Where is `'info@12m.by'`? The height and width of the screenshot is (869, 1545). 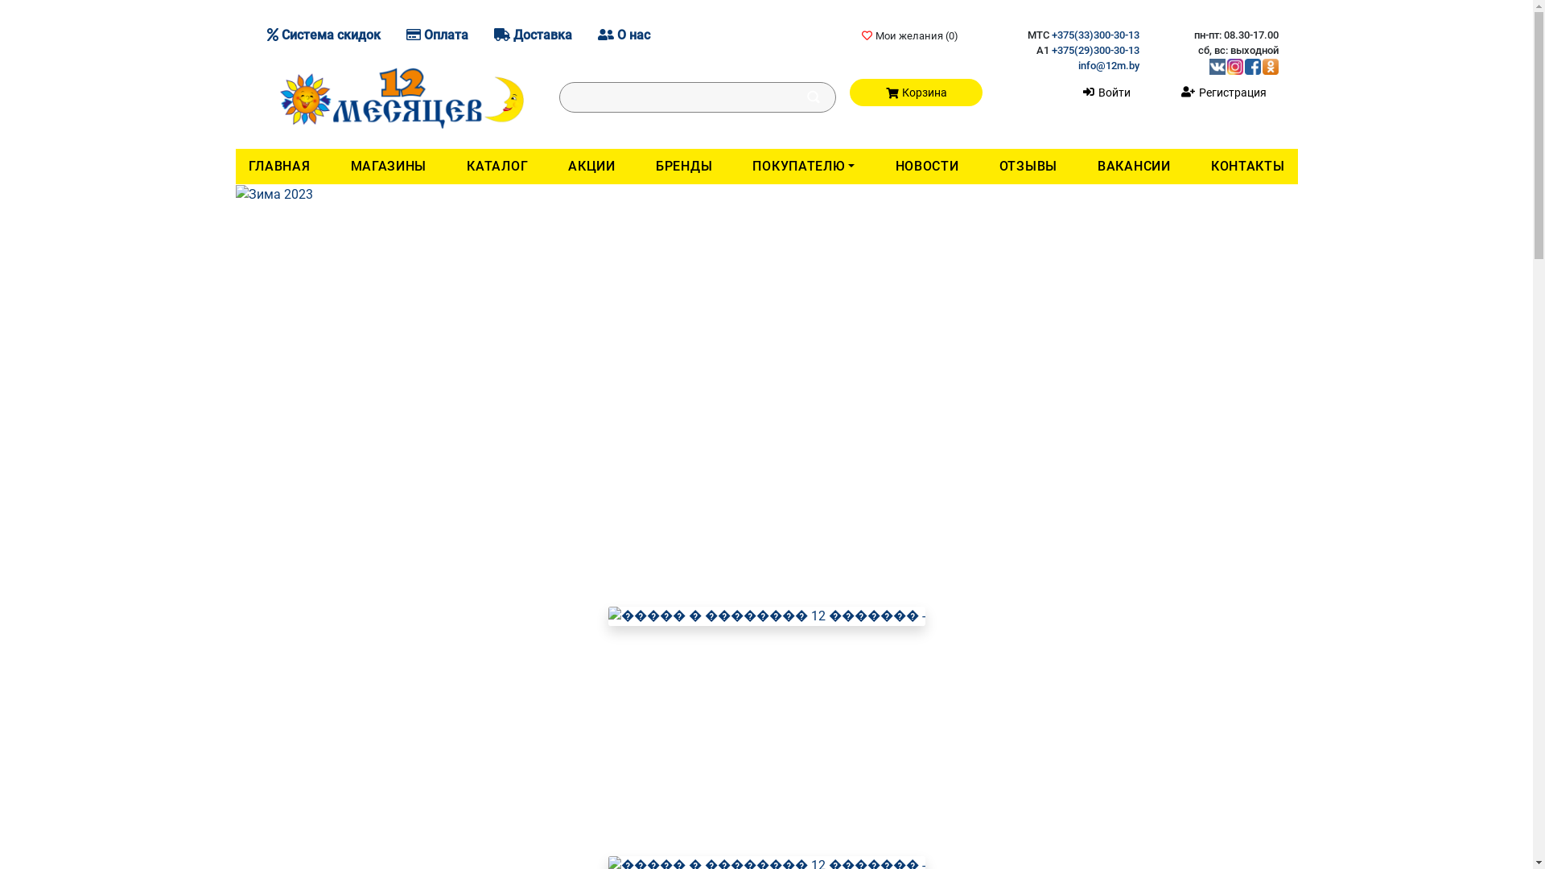 'info@12m.by' is located at coordinates (1077, 64).